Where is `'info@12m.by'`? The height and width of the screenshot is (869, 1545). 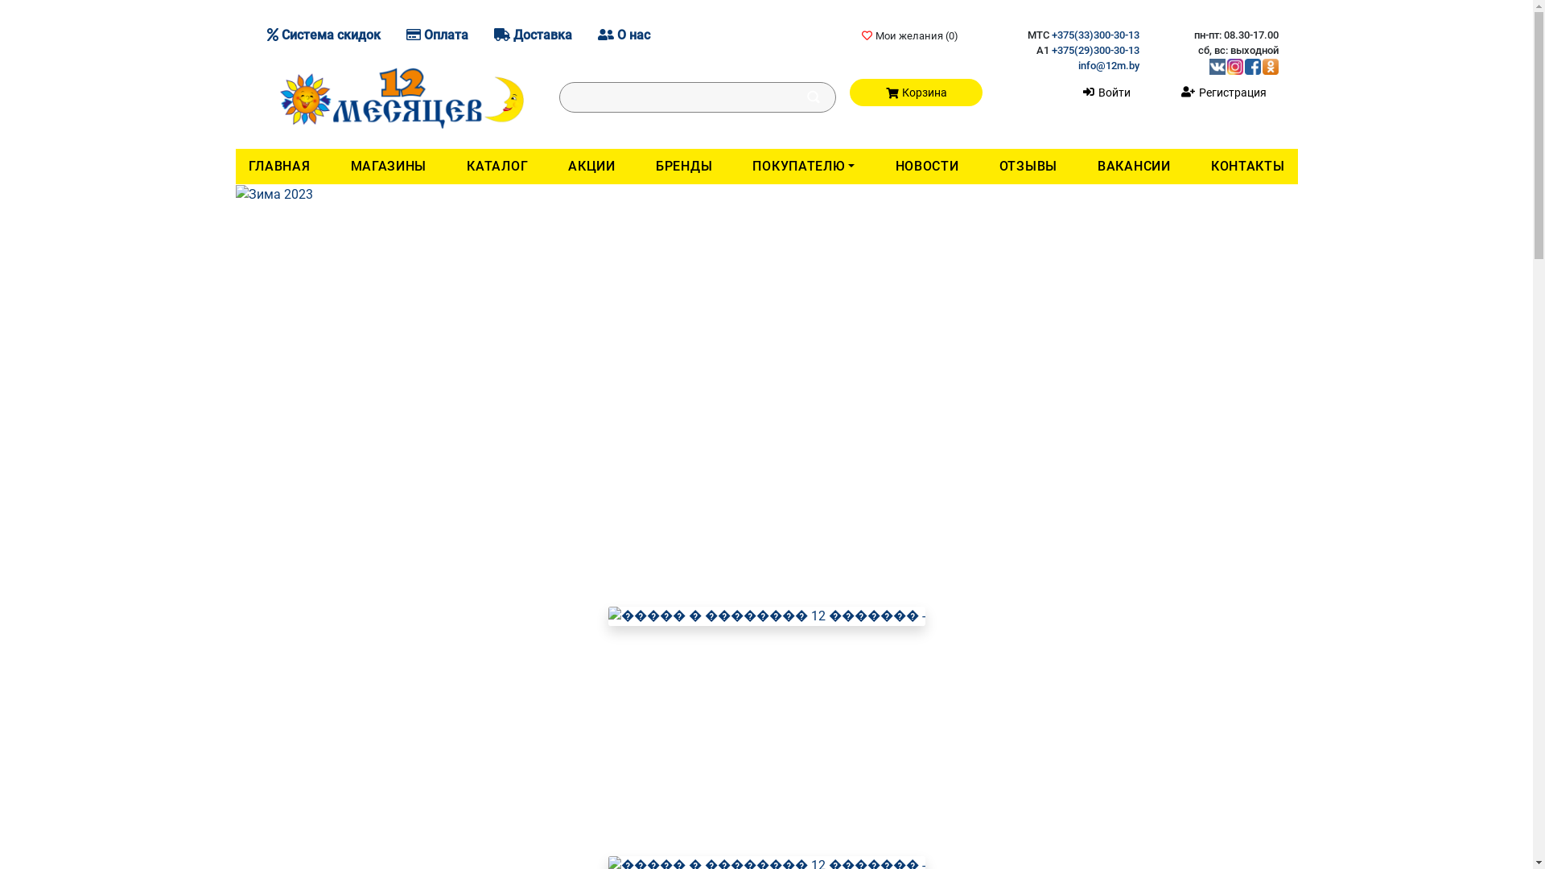 'info@12m.by' is located at coordinates (1077, 64).